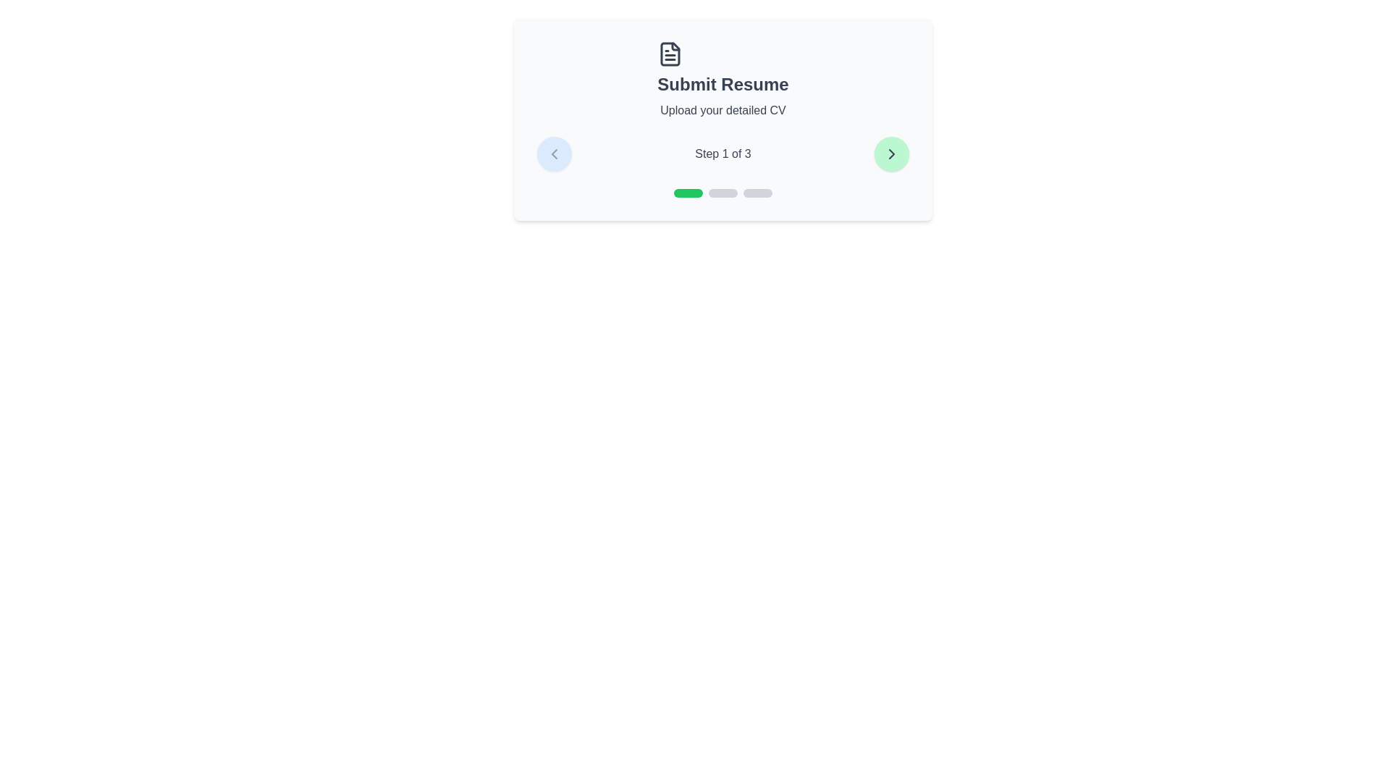 Image resolution: width=1390 pixels, height=782 pixels. I want to click on the step progress indicator to navigate to step 2, so click(723, 192).